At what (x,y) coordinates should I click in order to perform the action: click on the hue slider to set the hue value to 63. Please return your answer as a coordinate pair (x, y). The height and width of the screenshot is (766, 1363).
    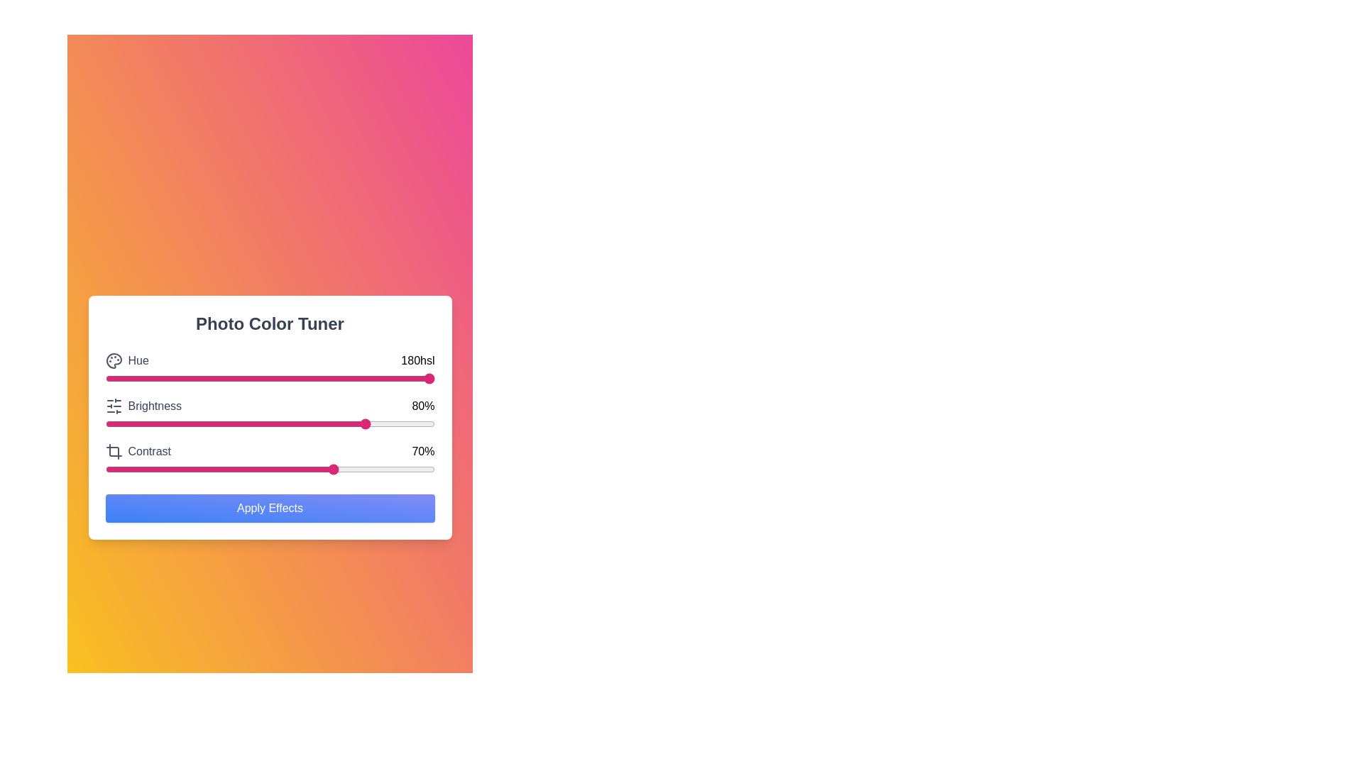
    Looking at the image, I should click on (312, 377).